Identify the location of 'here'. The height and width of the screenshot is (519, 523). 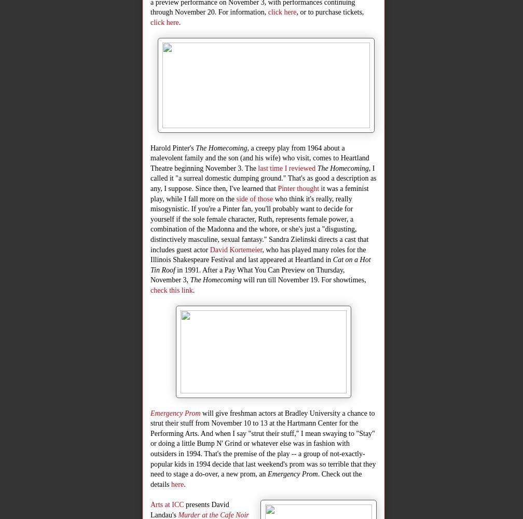
(177, 484).